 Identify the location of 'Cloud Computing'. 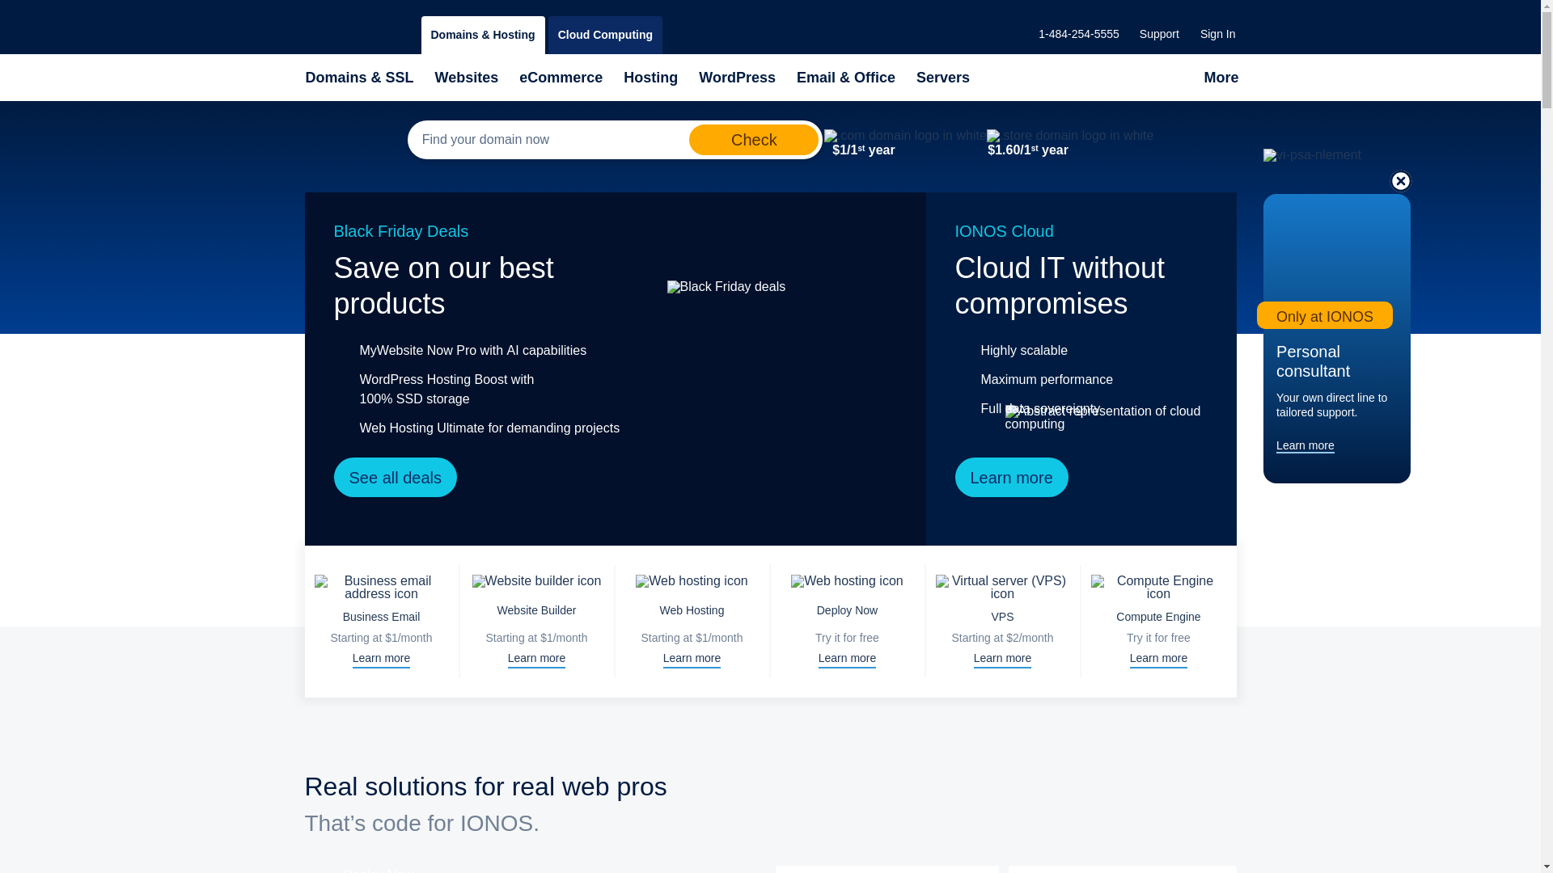
(604, 35).